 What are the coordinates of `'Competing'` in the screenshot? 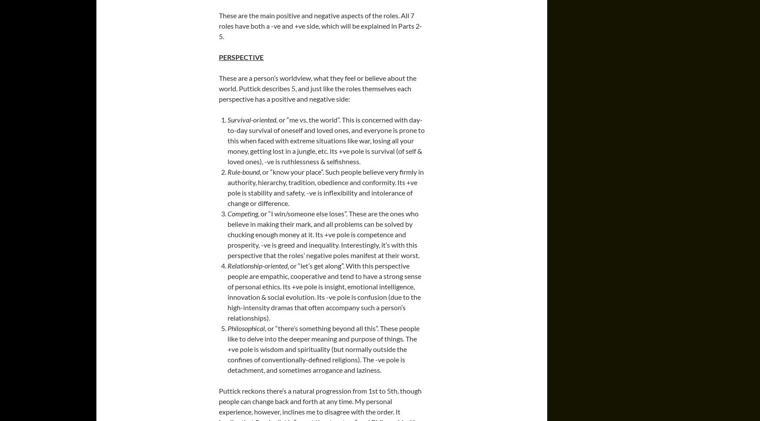 It's located at (242, 213).